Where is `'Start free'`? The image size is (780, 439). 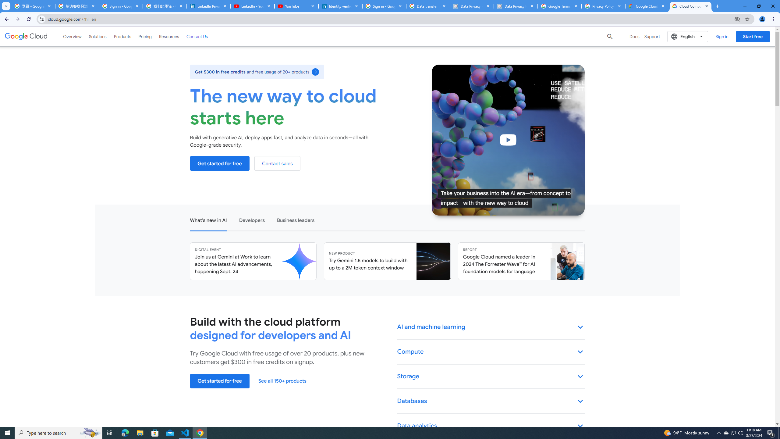 'Start free' is located at coordinates (753, 36).